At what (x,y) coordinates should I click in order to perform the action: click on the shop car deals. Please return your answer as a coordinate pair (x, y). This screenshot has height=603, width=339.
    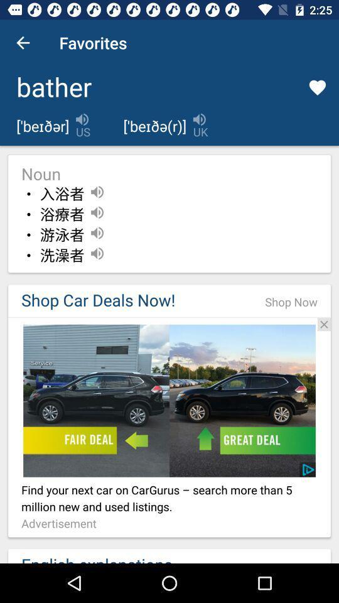
    Looking at the image, I should click on (129, 300).